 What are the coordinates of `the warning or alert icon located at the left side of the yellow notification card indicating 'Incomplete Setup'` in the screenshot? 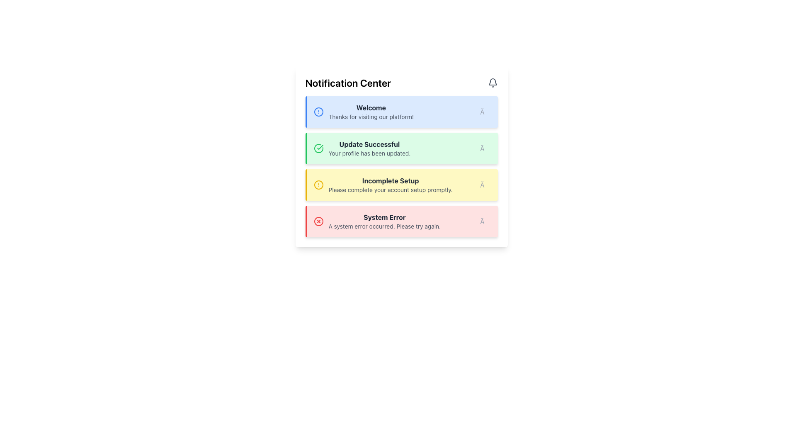 It's located at (318, 185).